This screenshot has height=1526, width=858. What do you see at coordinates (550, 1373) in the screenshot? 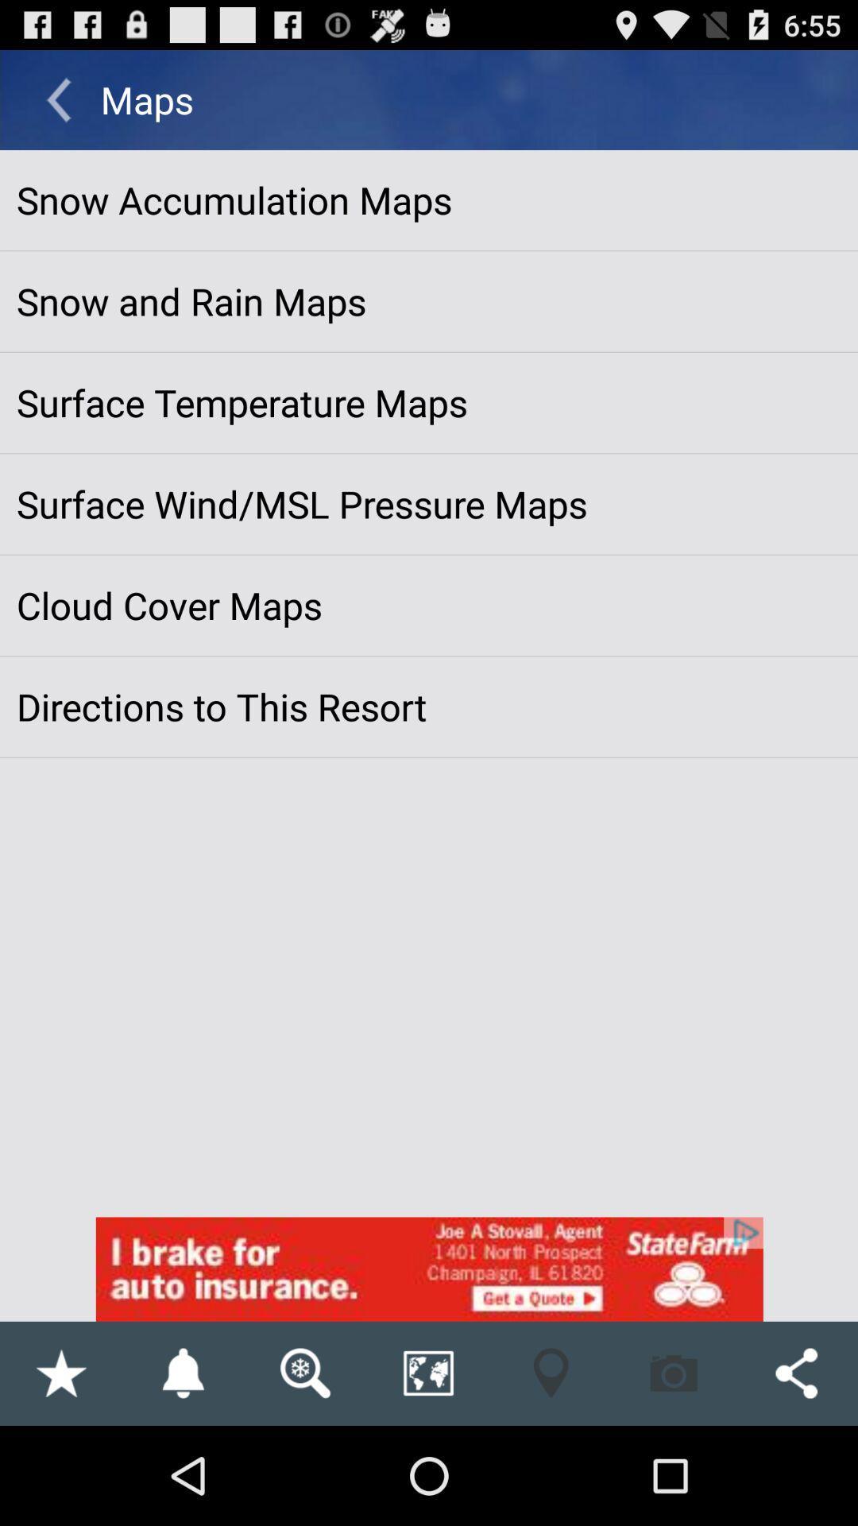
I see `enable location` at bounding box center [550, 1373].